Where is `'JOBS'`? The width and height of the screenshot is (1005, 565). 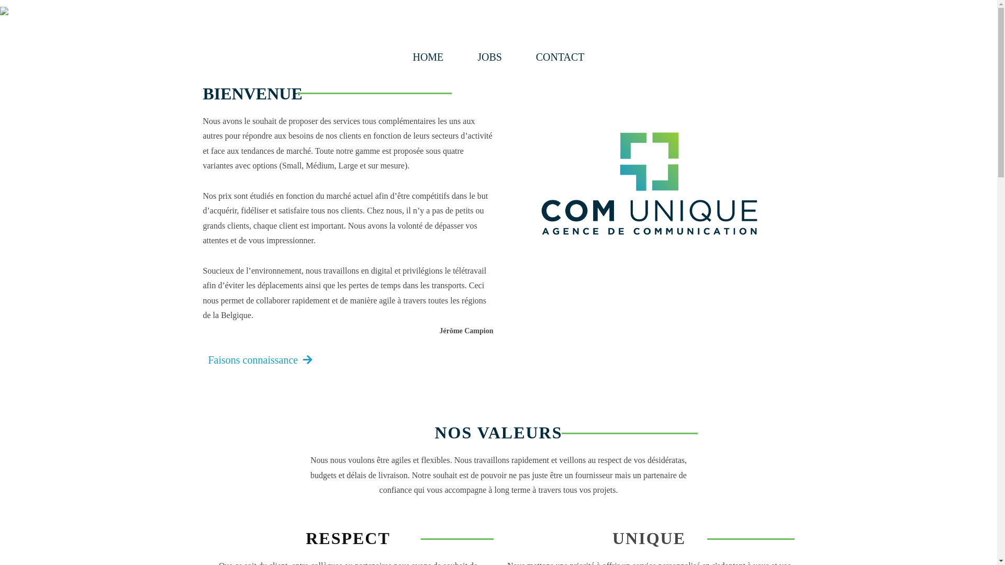
'JOBS' is located at coordinates (489, 57).